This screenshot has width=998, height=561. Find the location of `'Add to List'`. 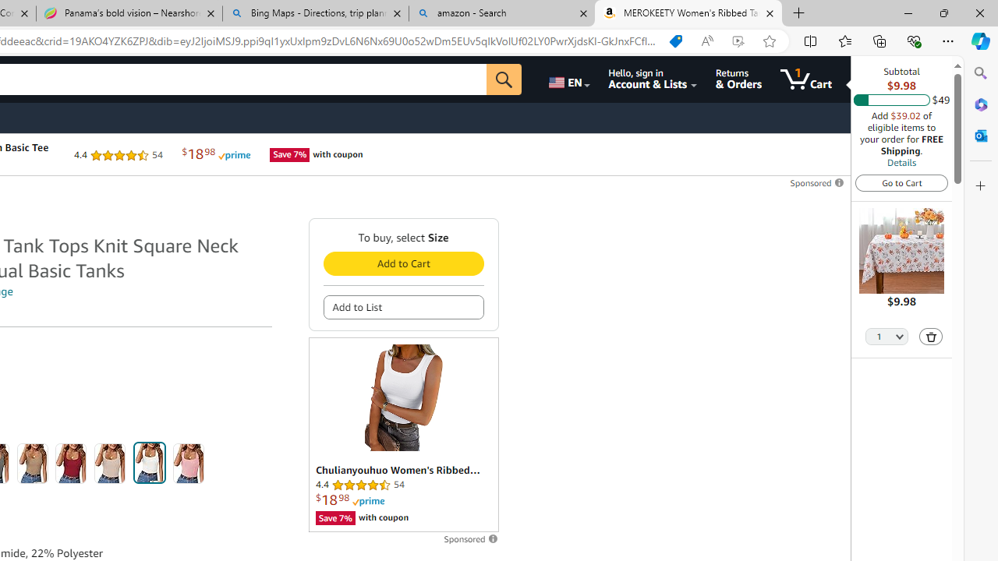

'Add to List' is located at coordinates (403, 307).